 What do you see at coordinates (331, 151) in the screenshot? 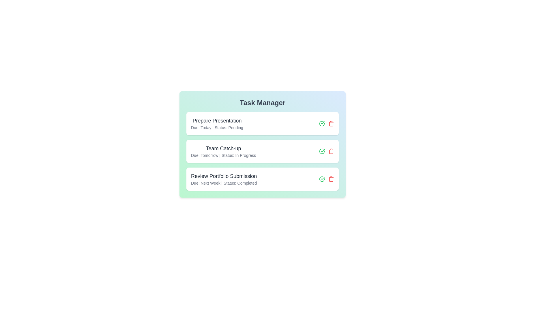
I see `the delete button for the task titled 'Team Catch-up'` at bounding box center [331, 151].